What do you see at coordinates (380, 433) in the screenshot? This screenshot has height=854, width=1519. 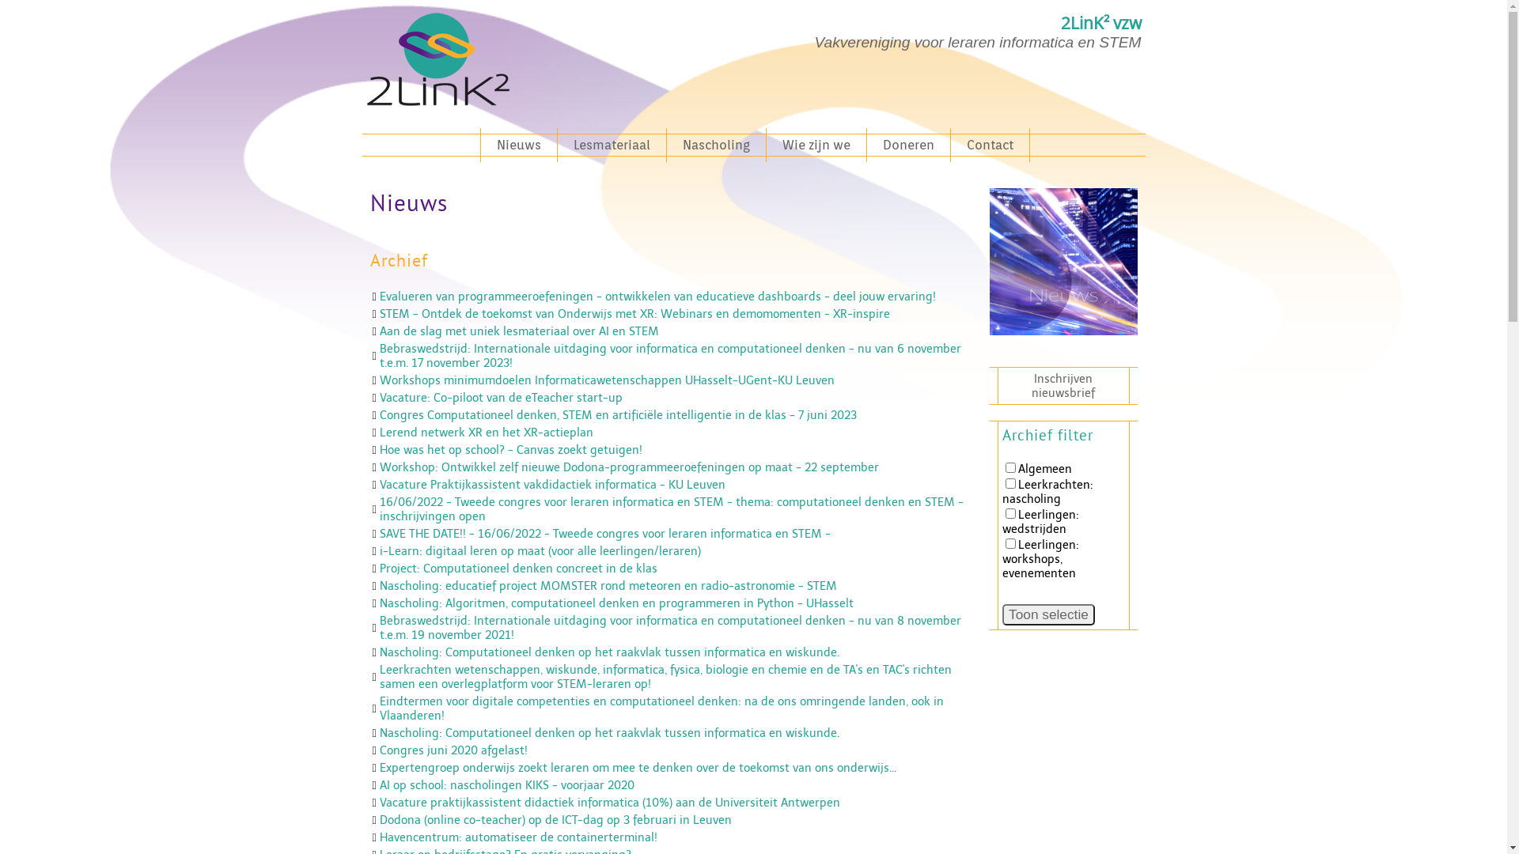 I see `'Lerend netwerk XR en het XR-actieplan'` at bounding box center [380, 433].